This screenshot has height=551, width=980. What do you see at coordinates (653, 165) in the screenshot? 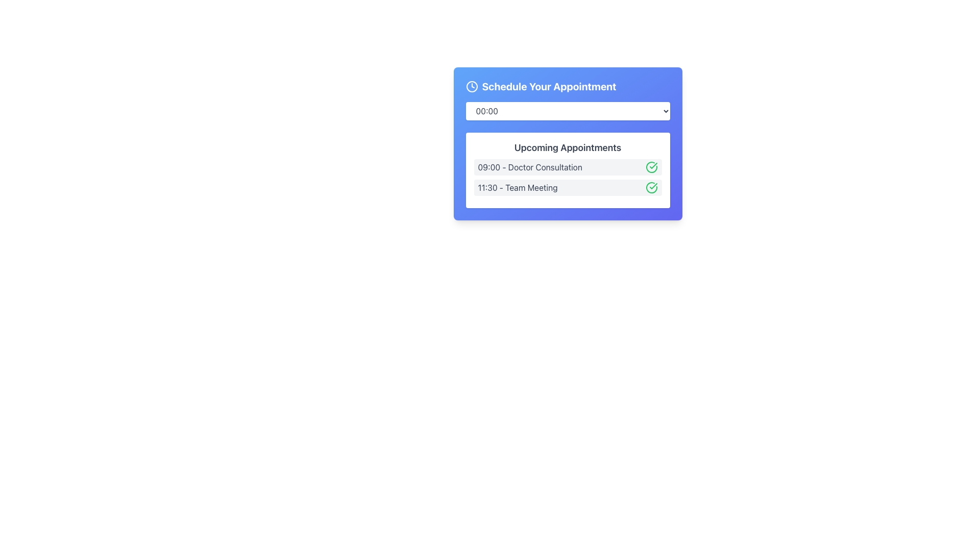
I see `the confirmation icon for the appointment at 11:30 in the 'Upcoming Appointments' list, which indicates that the appointment is confirmed or completed` at bounding box center [653, 165].